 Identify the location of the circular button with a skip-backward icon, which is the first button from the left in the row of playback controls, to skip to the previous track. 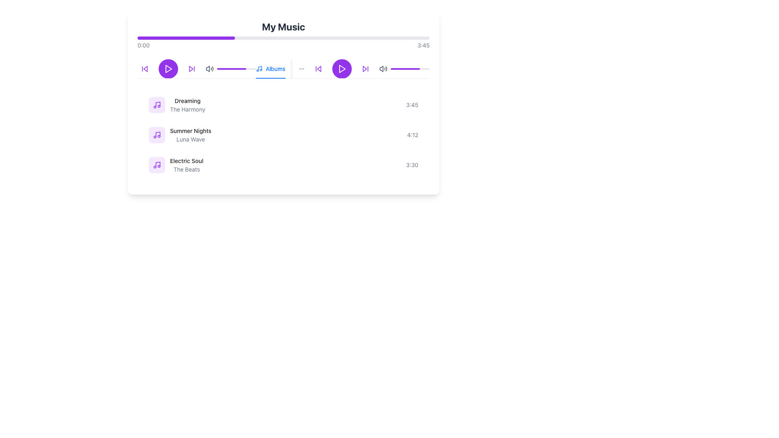
(144, 68).